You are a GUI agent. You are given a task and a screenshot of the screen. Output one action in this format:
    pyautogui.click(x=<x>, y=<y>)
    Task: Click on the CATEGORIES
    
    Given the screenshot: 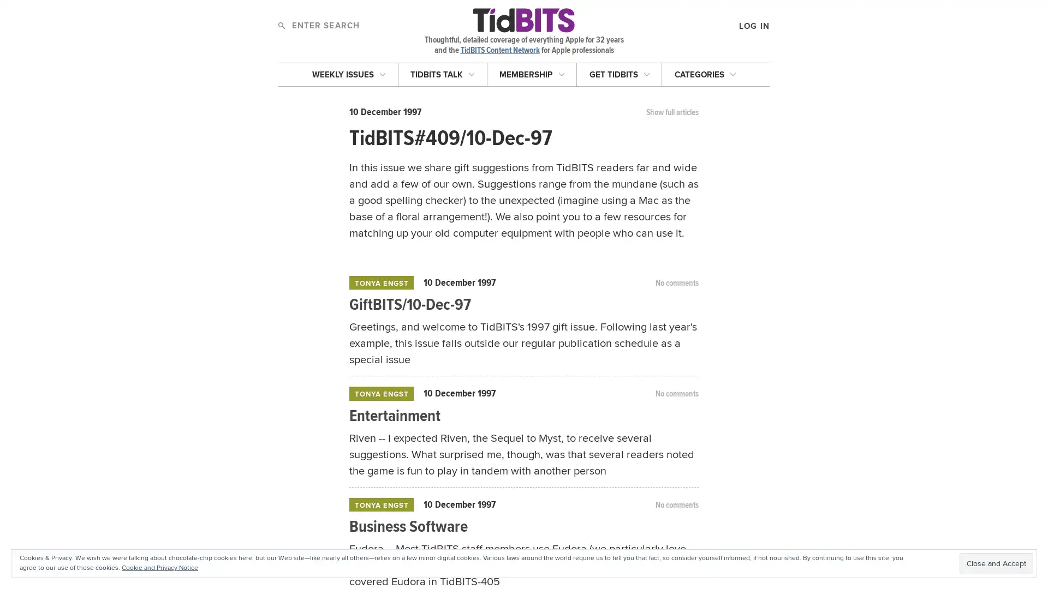 What is the action you would take?
    pyautogui.click(x=705, y=74)
    